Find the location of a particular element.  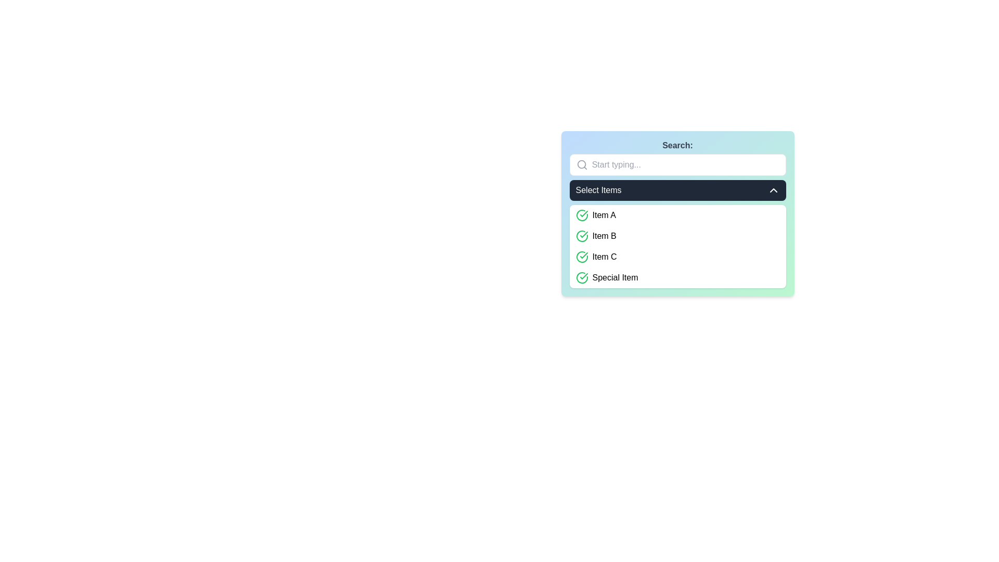

the green checkmark icon indicating that 'Item A' is selected in the list is located at coordinates (584, 255).